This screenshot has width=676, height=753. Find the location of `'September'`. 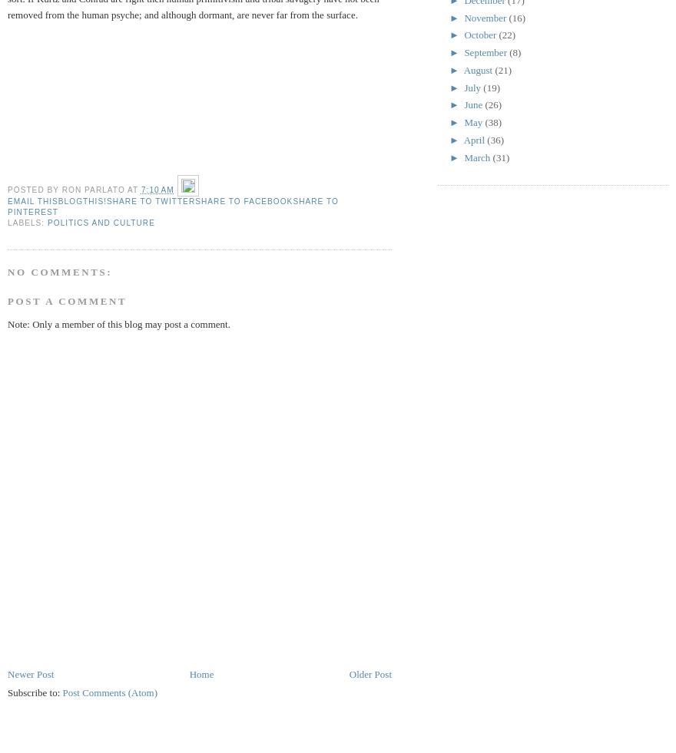

'September' is located at coordinates (486, 51).